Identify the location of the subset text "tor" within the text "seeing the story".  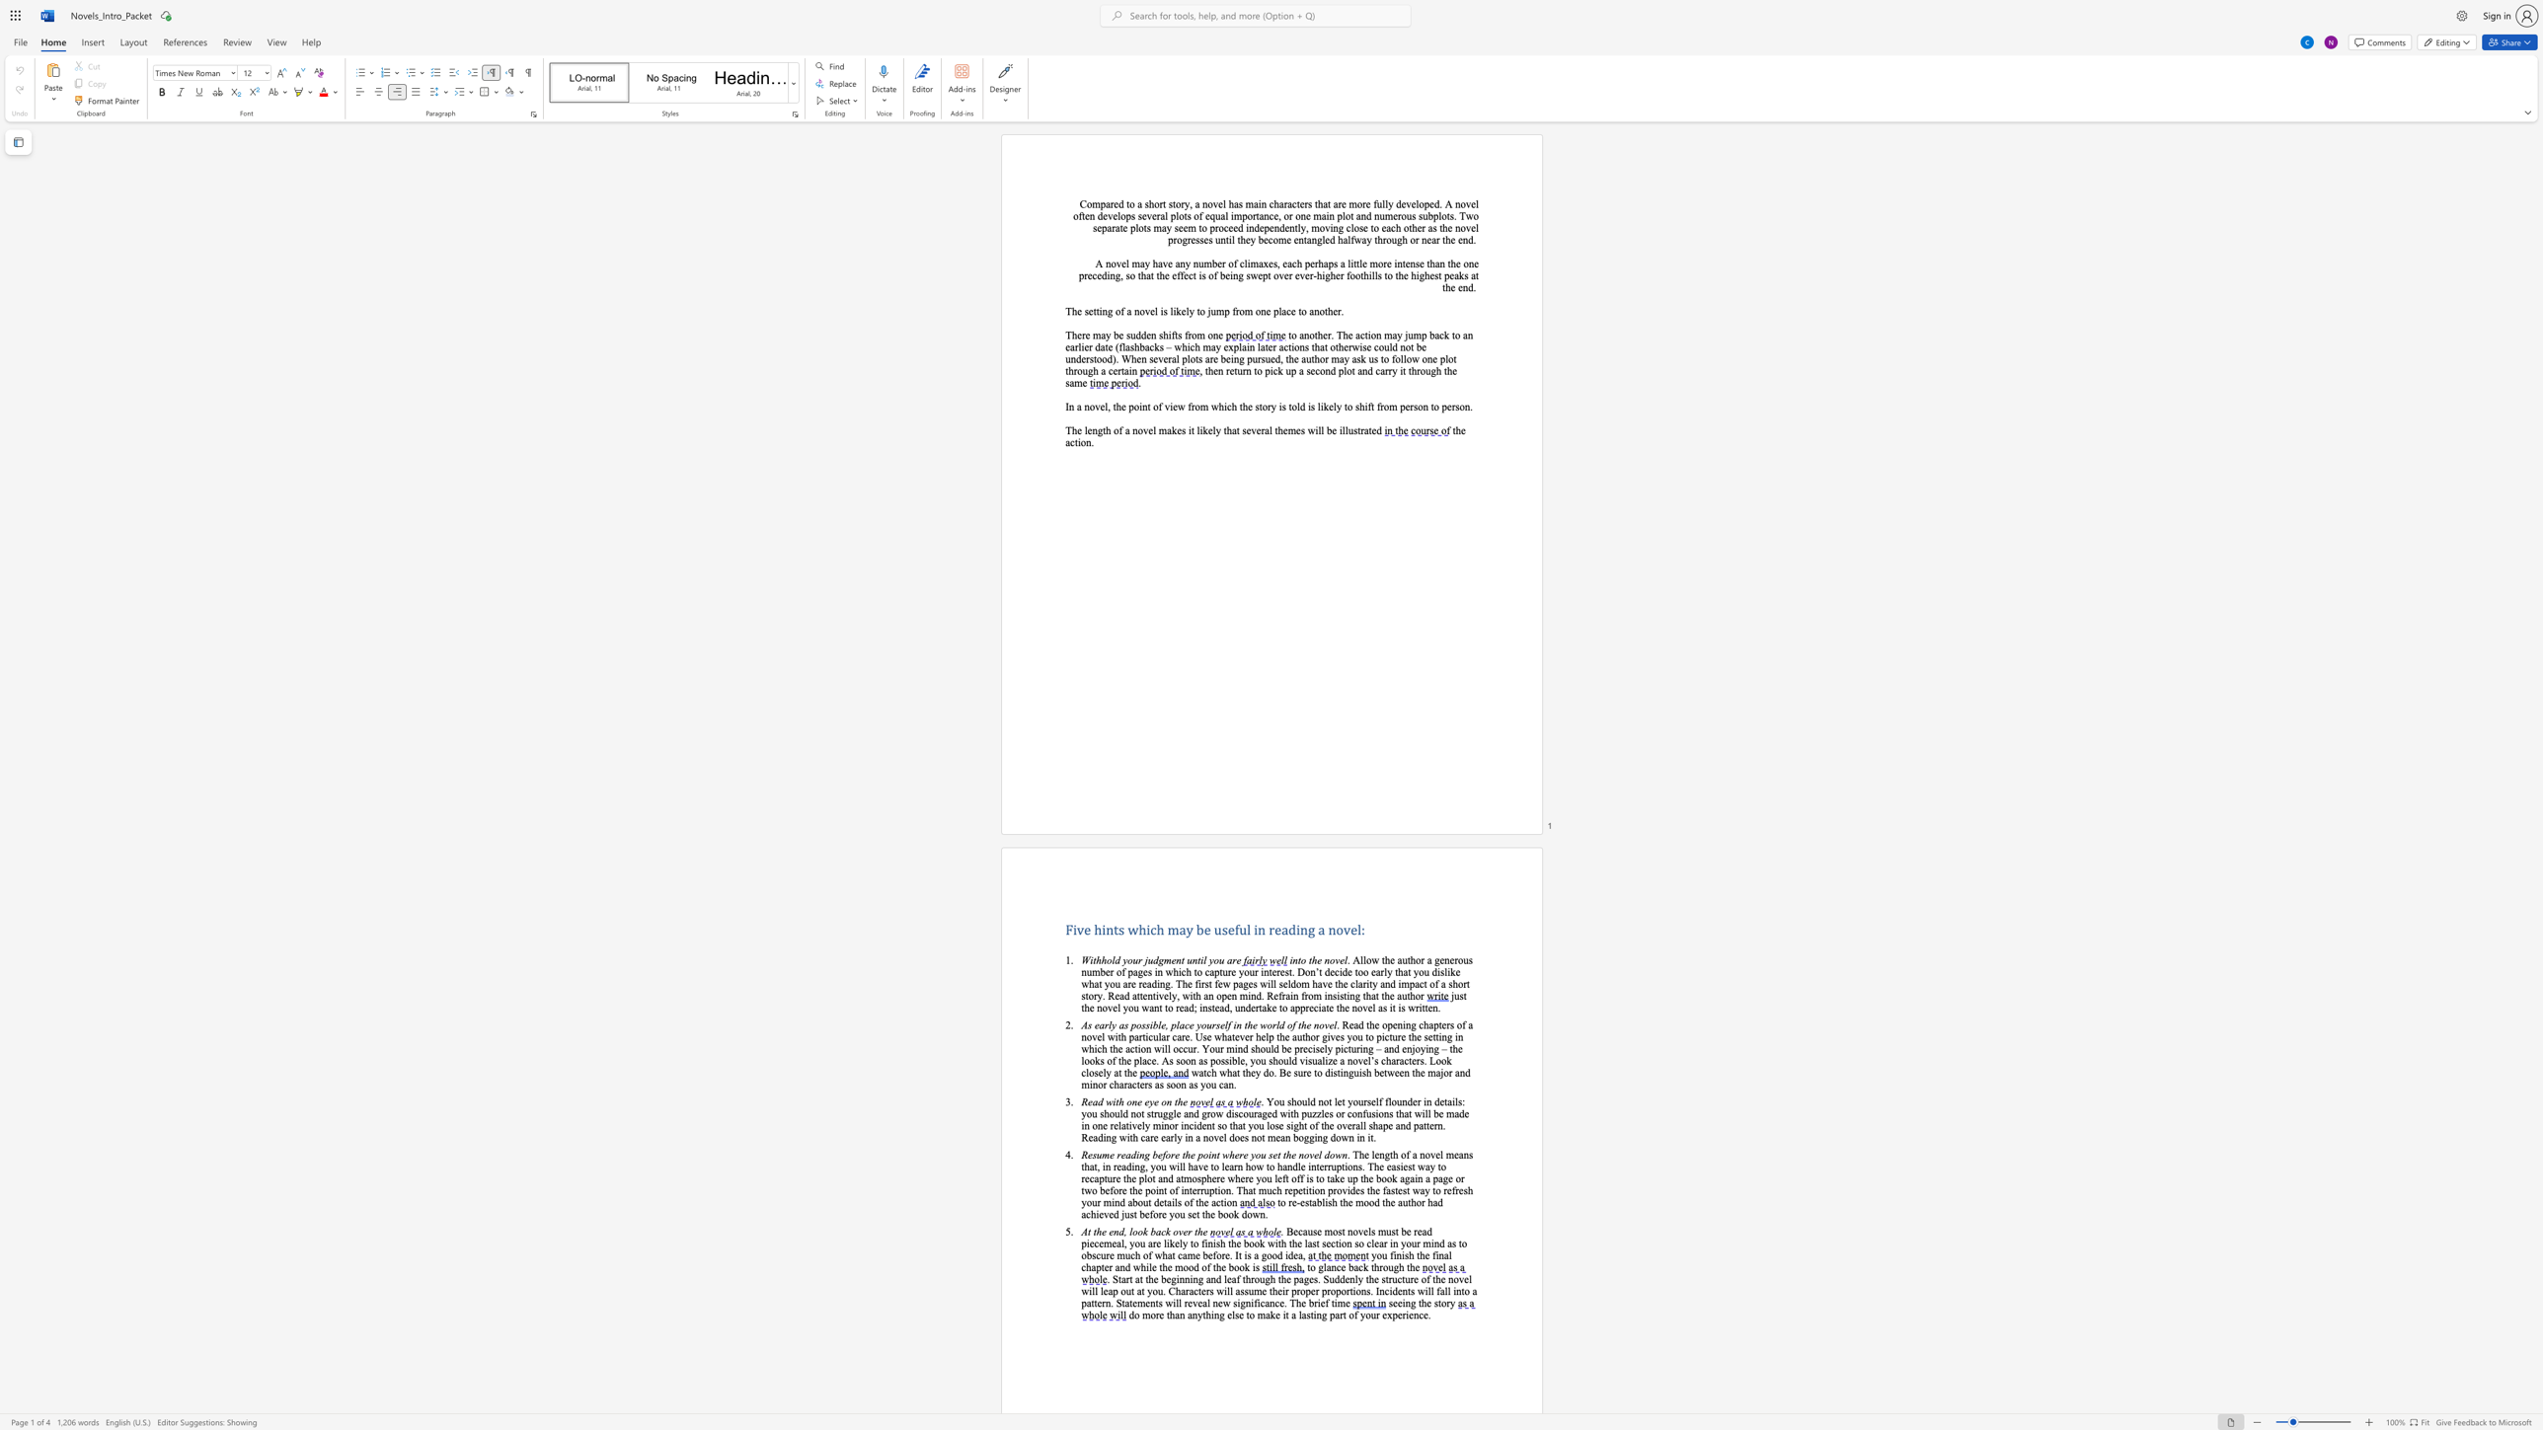
(1437, 1303).